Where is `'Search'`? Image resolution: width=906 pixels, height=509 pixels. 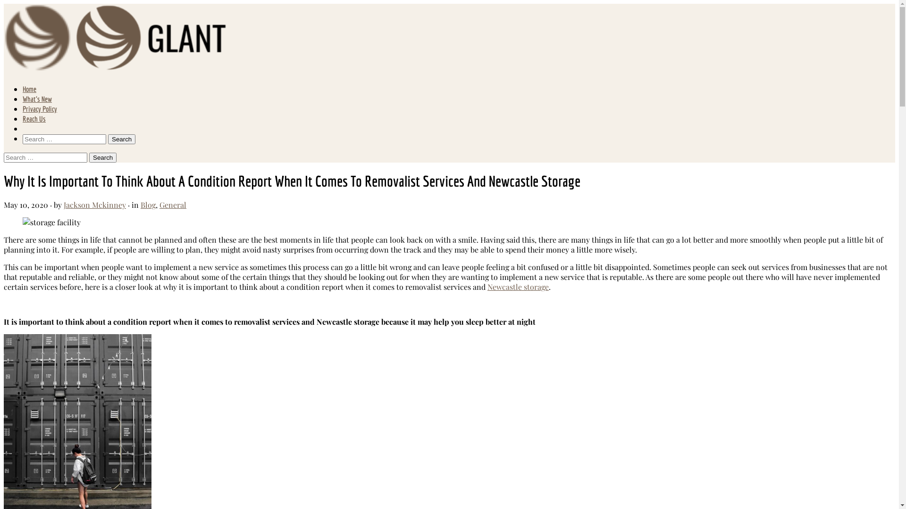
'Search' is located at coordinates (121, 139).